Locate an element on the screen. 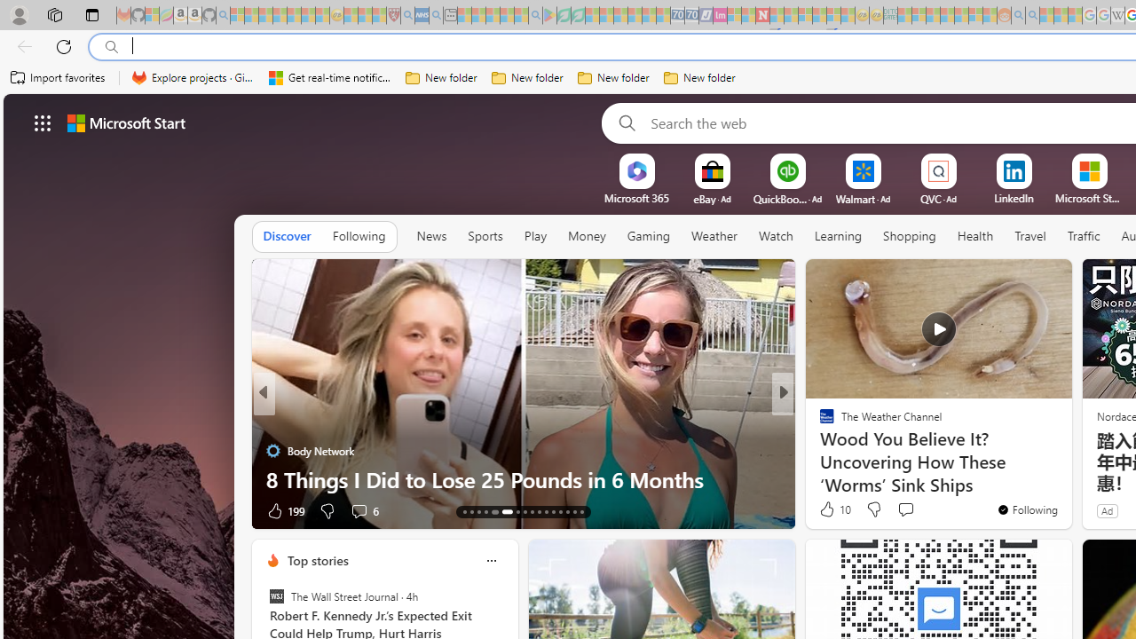 The image size is (1136, 639). 'View comments 10 Comment' is located at coordinates (913, 510).